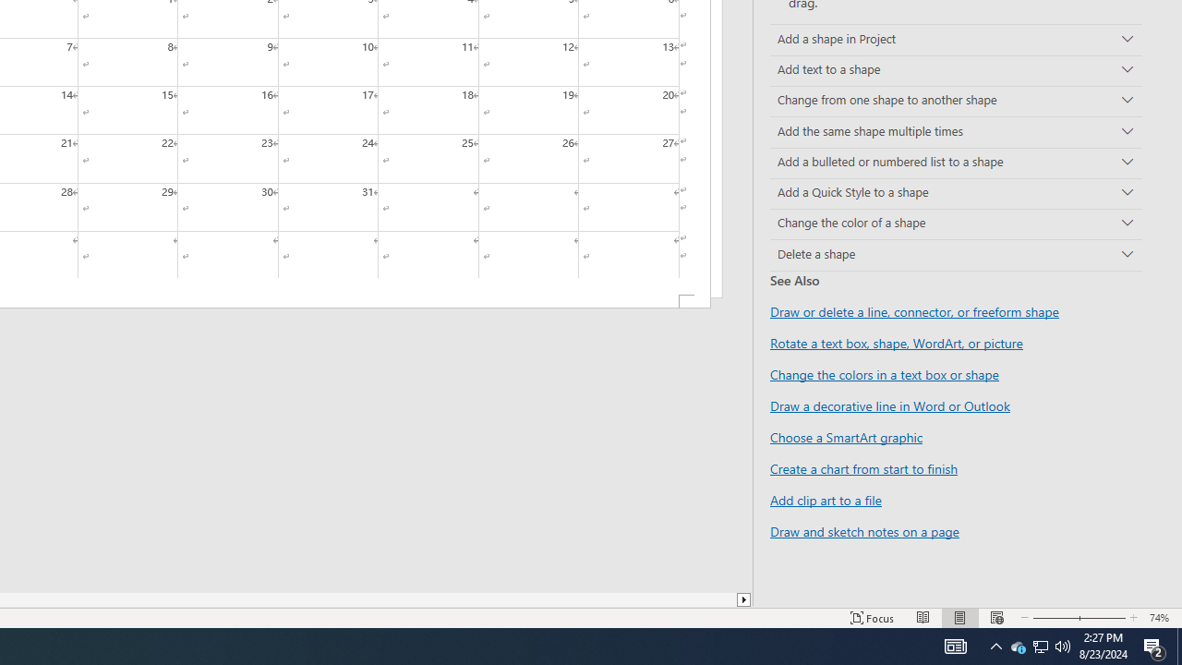  I want to click on 'Add text to a shape', so click(956, 70).